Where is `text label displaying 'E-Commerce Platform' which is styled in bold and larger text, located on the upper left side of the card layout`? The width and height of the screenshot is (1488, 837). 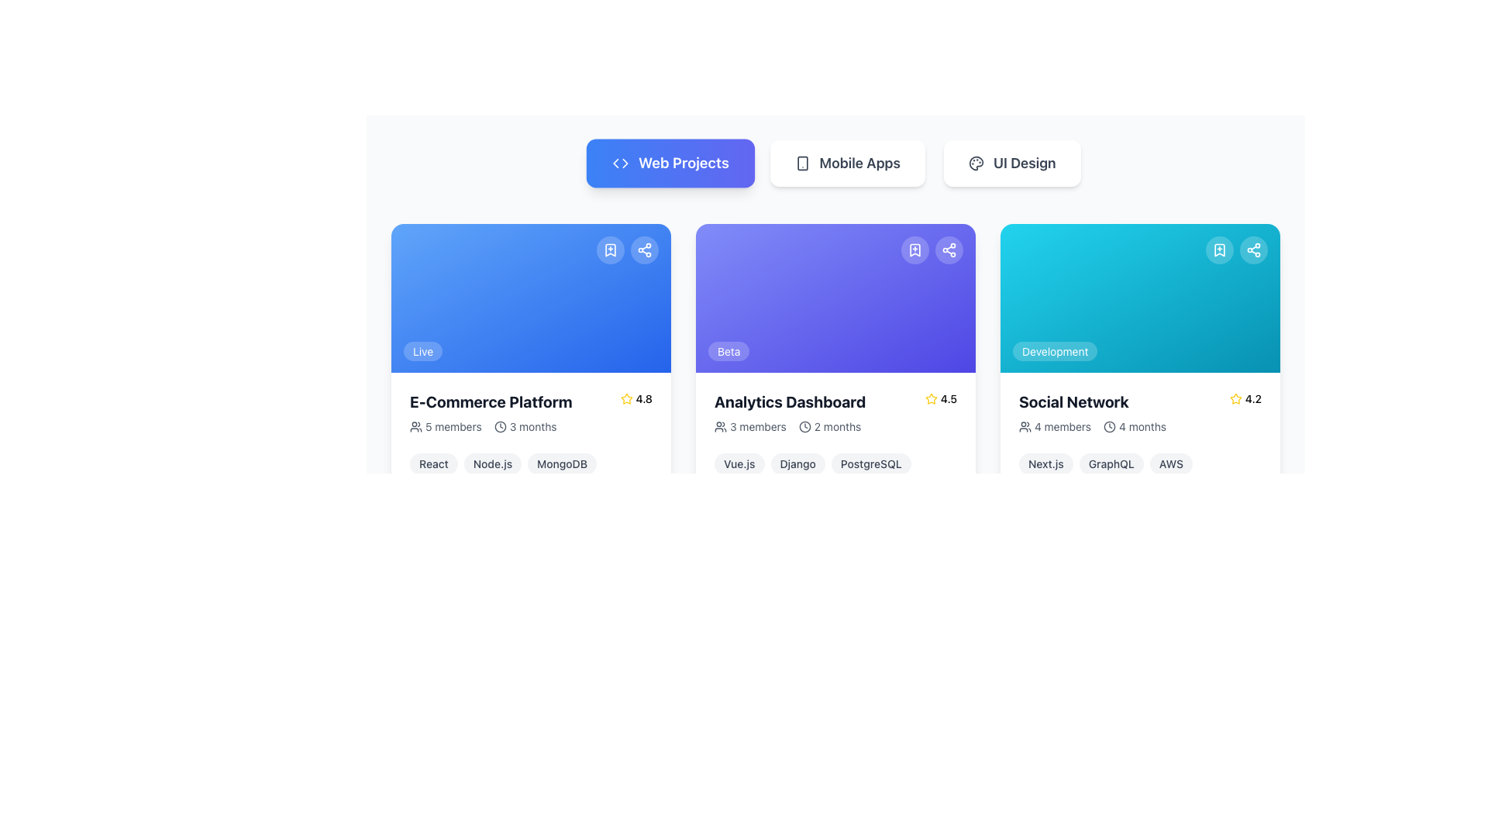
text label displaying 'E-Commerce Platform' which is styled in bold and larger text, located on the upper left side of the card layout is located at coordinates (490, 401).